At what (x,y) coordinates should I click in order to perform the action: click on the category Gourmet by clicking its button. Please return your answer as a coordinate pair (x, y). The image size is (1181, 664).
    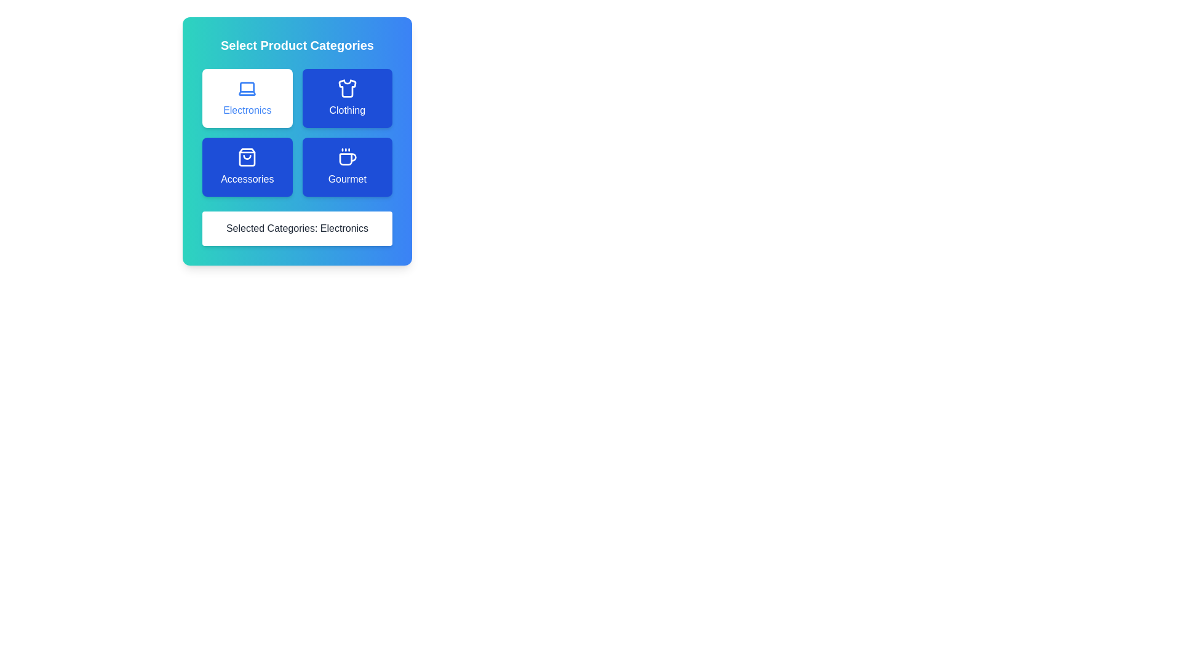
    Looking at the image, I should click on (346, 167).